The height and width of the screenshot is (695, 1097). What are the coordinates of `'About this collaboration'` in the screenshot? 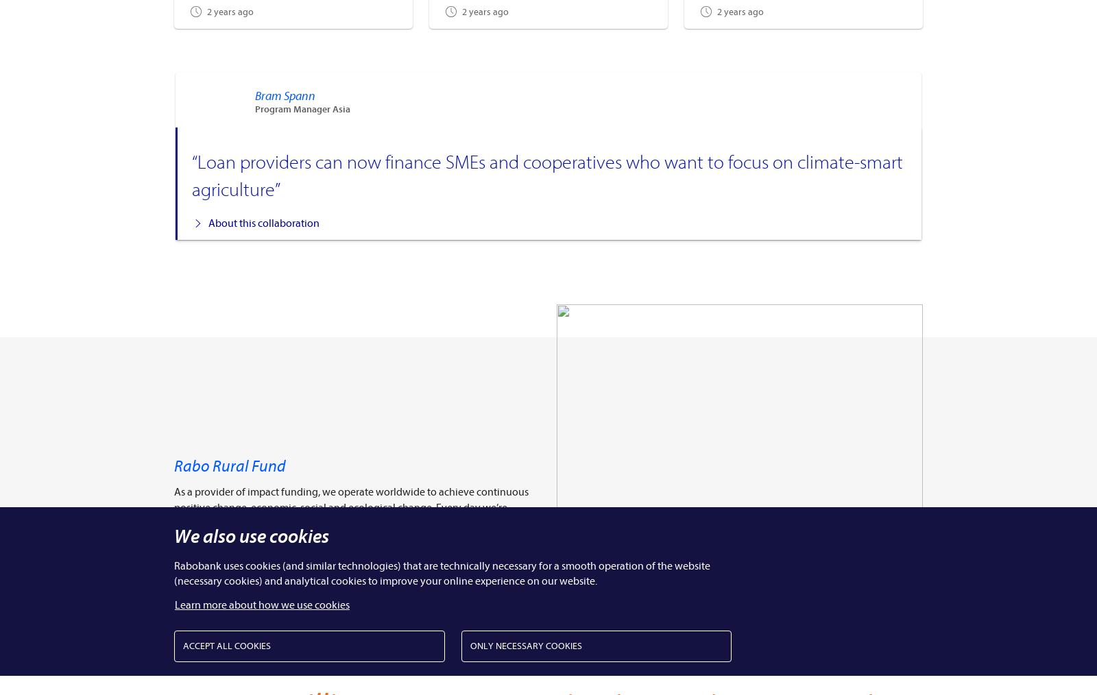 It's located at (263, 223).